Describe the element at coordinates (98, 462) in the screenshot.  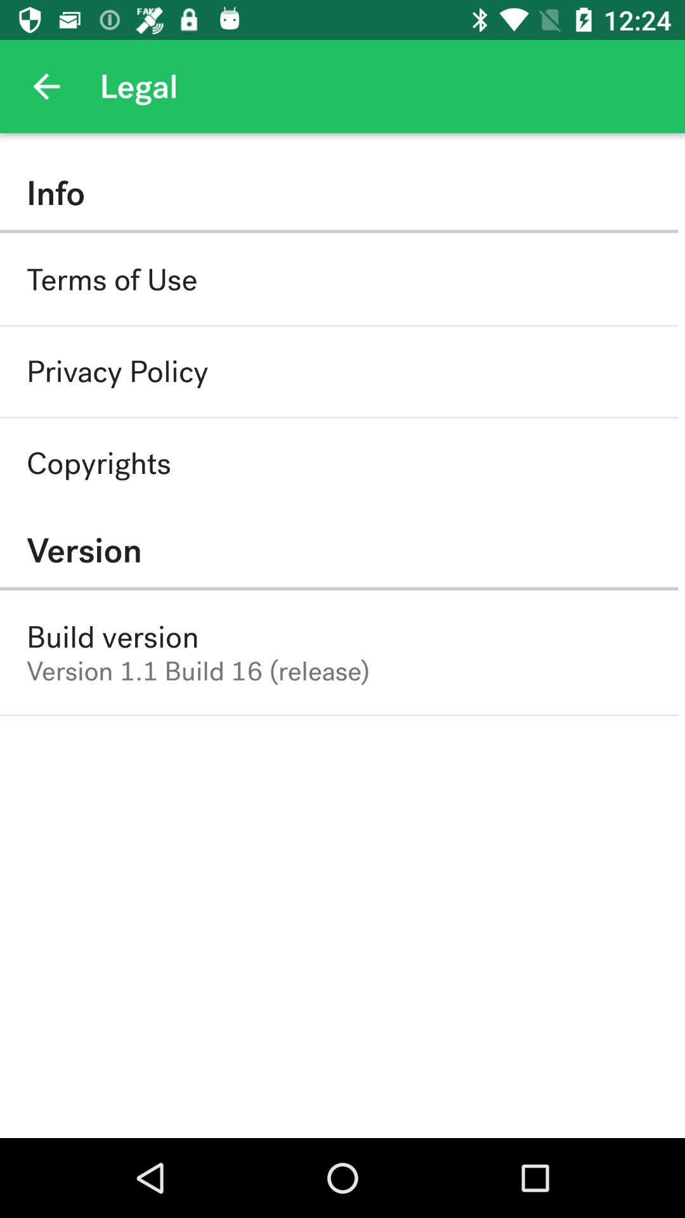
I see `the copyrights item` at that location.